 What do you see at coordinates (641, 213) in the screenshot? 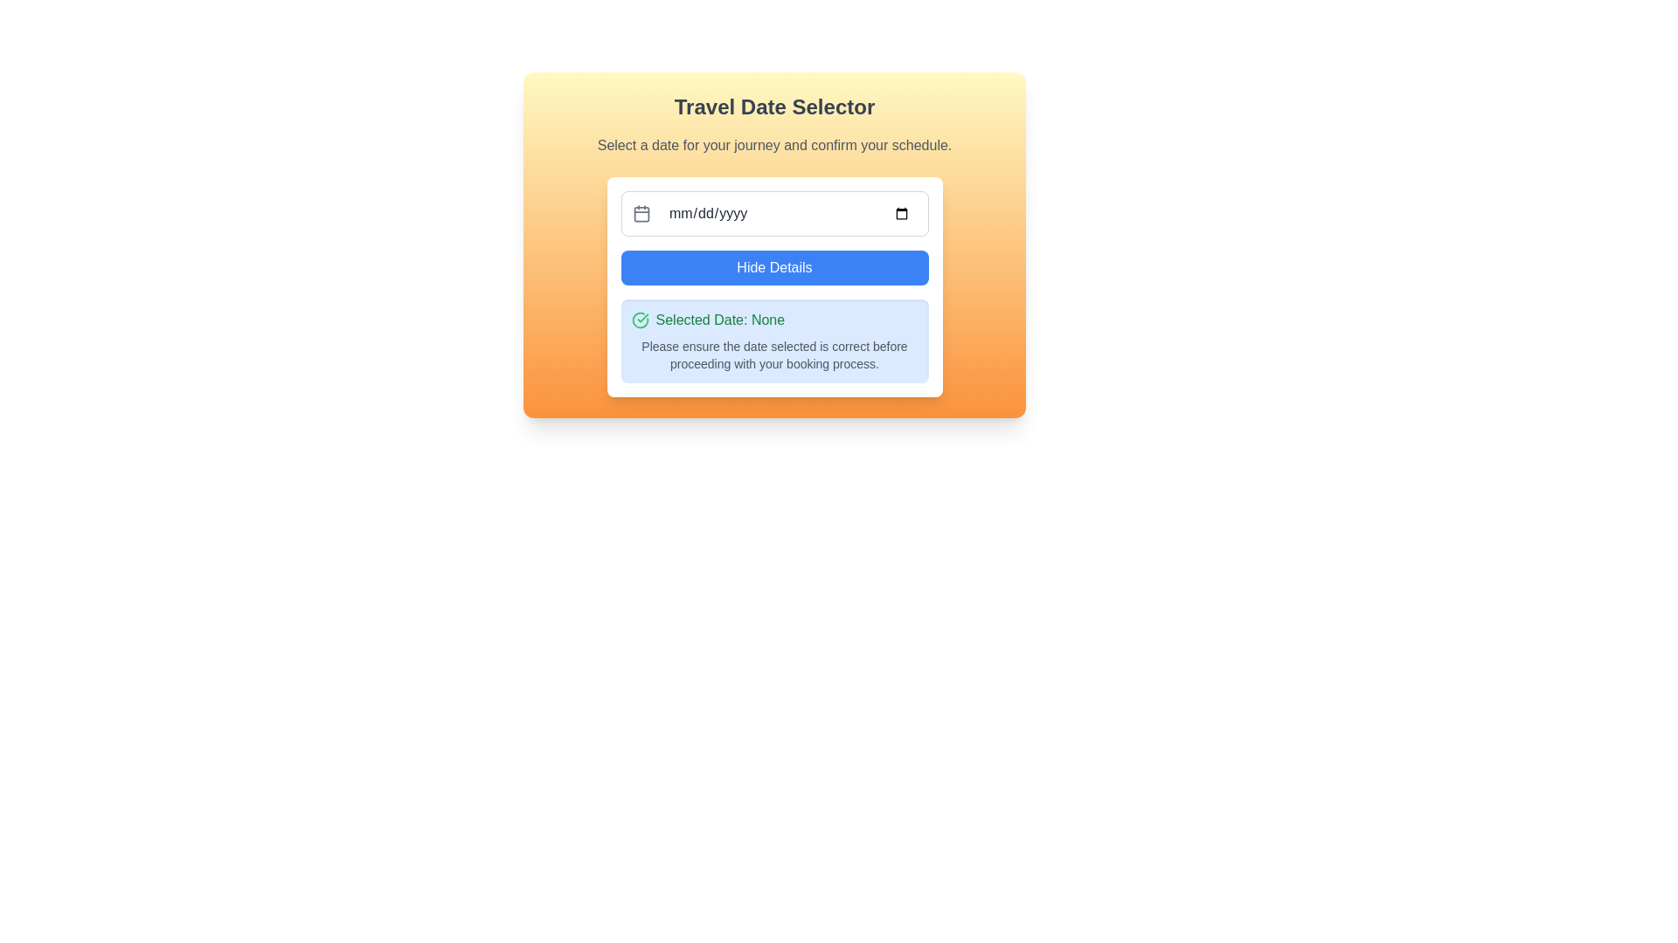
I see `the gray calendar icon, which is positioned at the far left of the date input section` at bounding box center [641, 213].